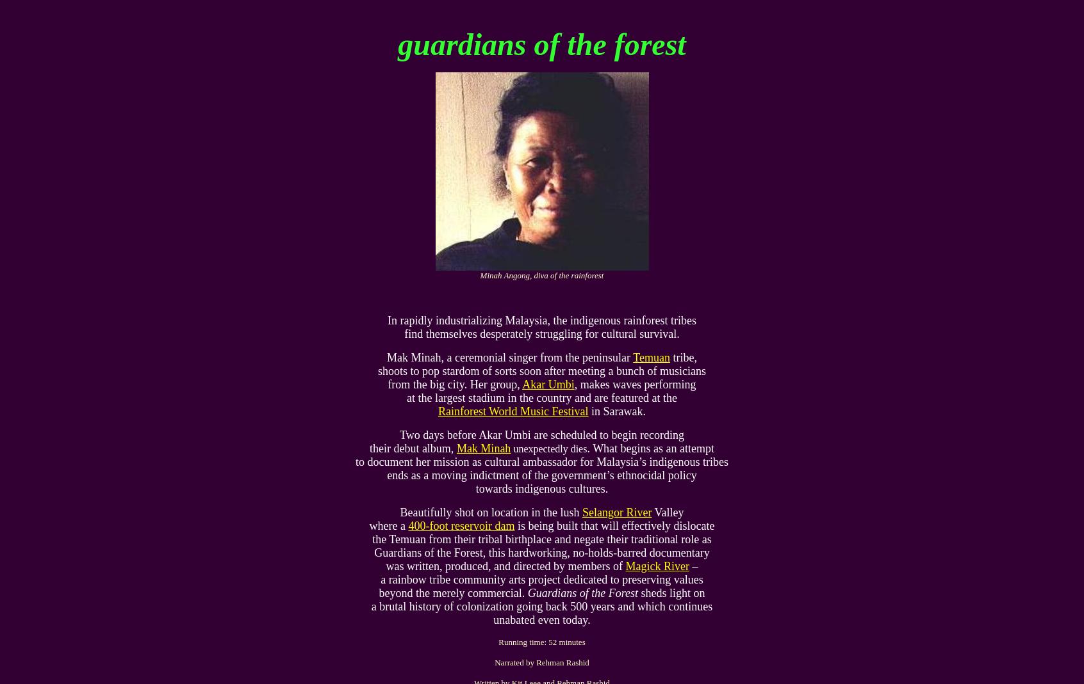 The width and height of the screenshot is (1084, 684). What do you see at coordinates (372, 539) in the screenshot?
I see `'the Temuan
from their tribal birthplace and negate their traditional role as'` at bounding box center [372, 539].